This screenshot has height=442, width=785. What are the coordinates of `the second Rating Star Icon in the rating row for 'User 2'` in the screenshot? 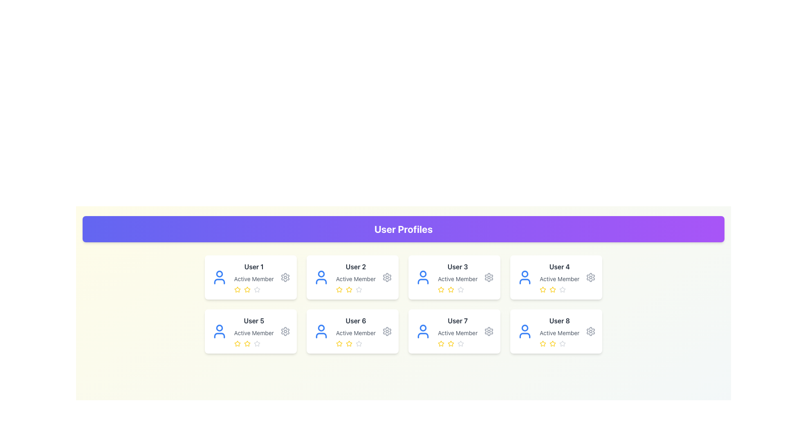 It's located at (339, 289).